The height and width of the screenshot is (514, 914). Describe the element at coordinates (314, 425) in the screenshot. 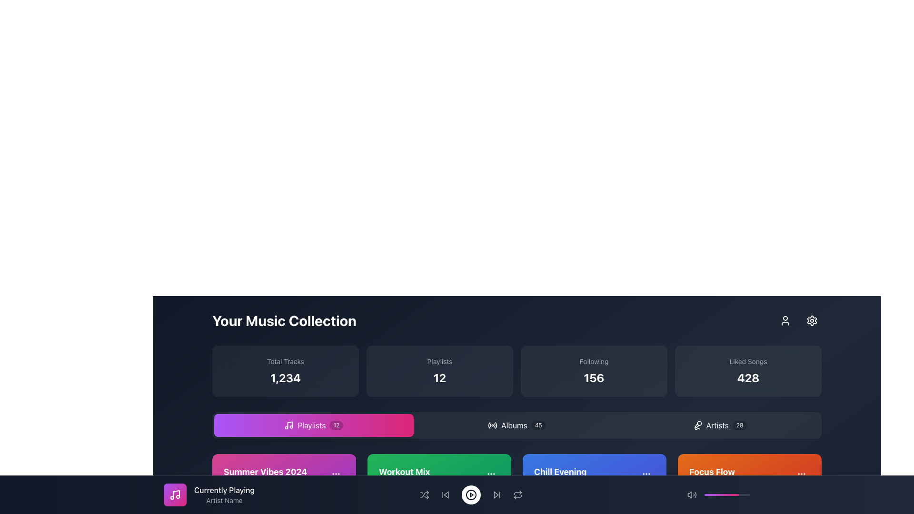

I see `the horizontally elongated rectangular button labeled 'Playlists' with a music note icon and a badge showing '12'` at that location.